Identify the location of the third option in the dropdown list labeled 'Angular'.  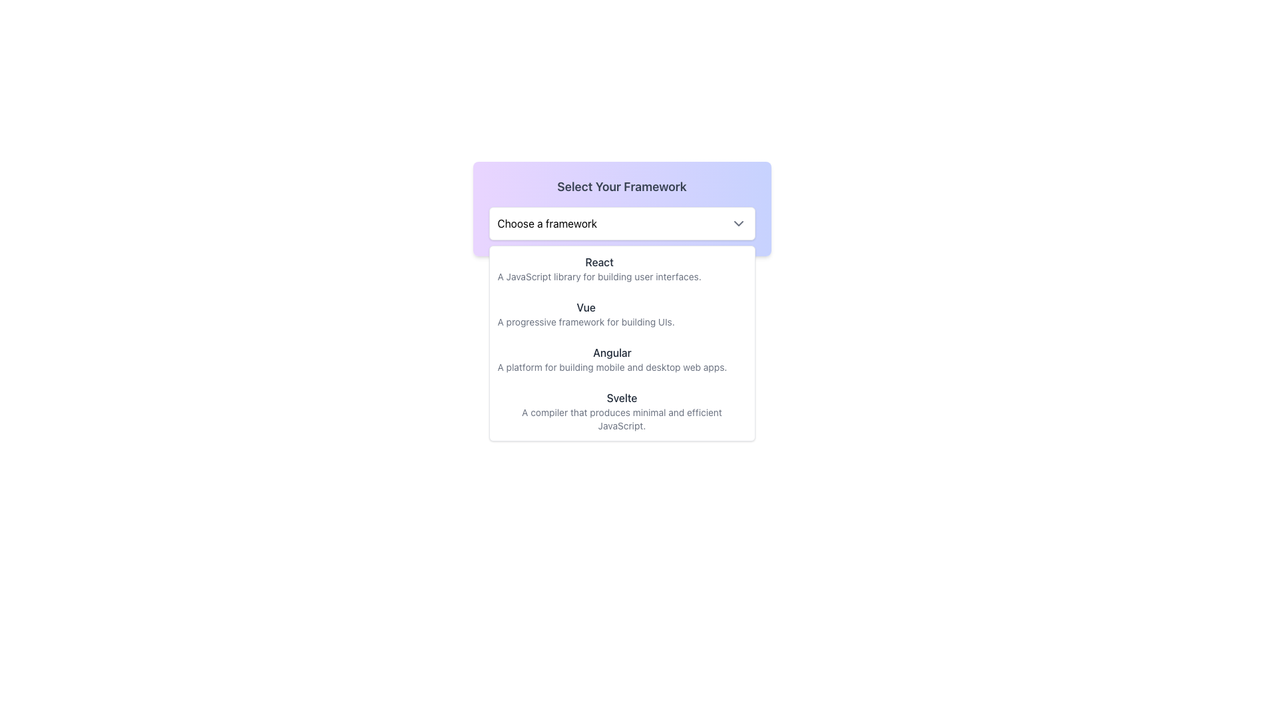
(621, 343).